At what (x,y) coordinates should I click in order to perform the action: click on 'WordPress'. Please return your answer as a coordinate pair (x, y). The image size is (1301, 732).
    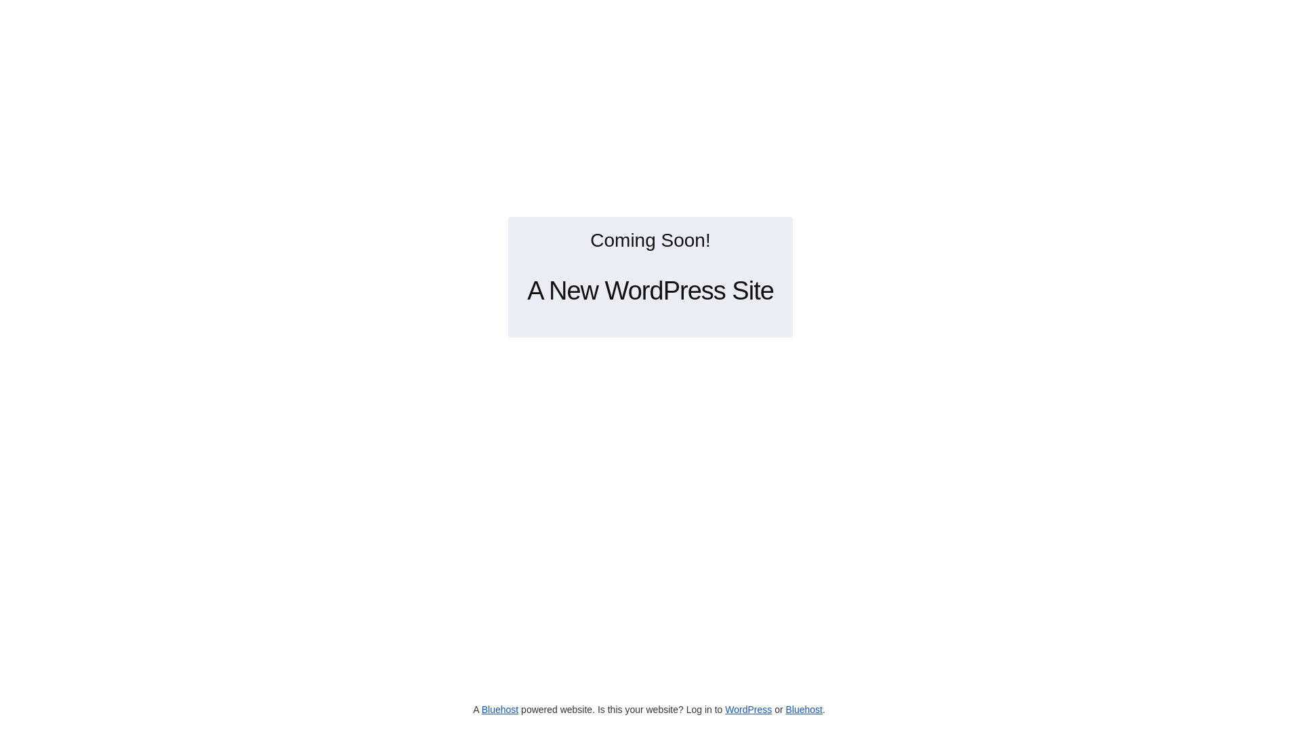
    Looking at the image, I should click on (747, 708).